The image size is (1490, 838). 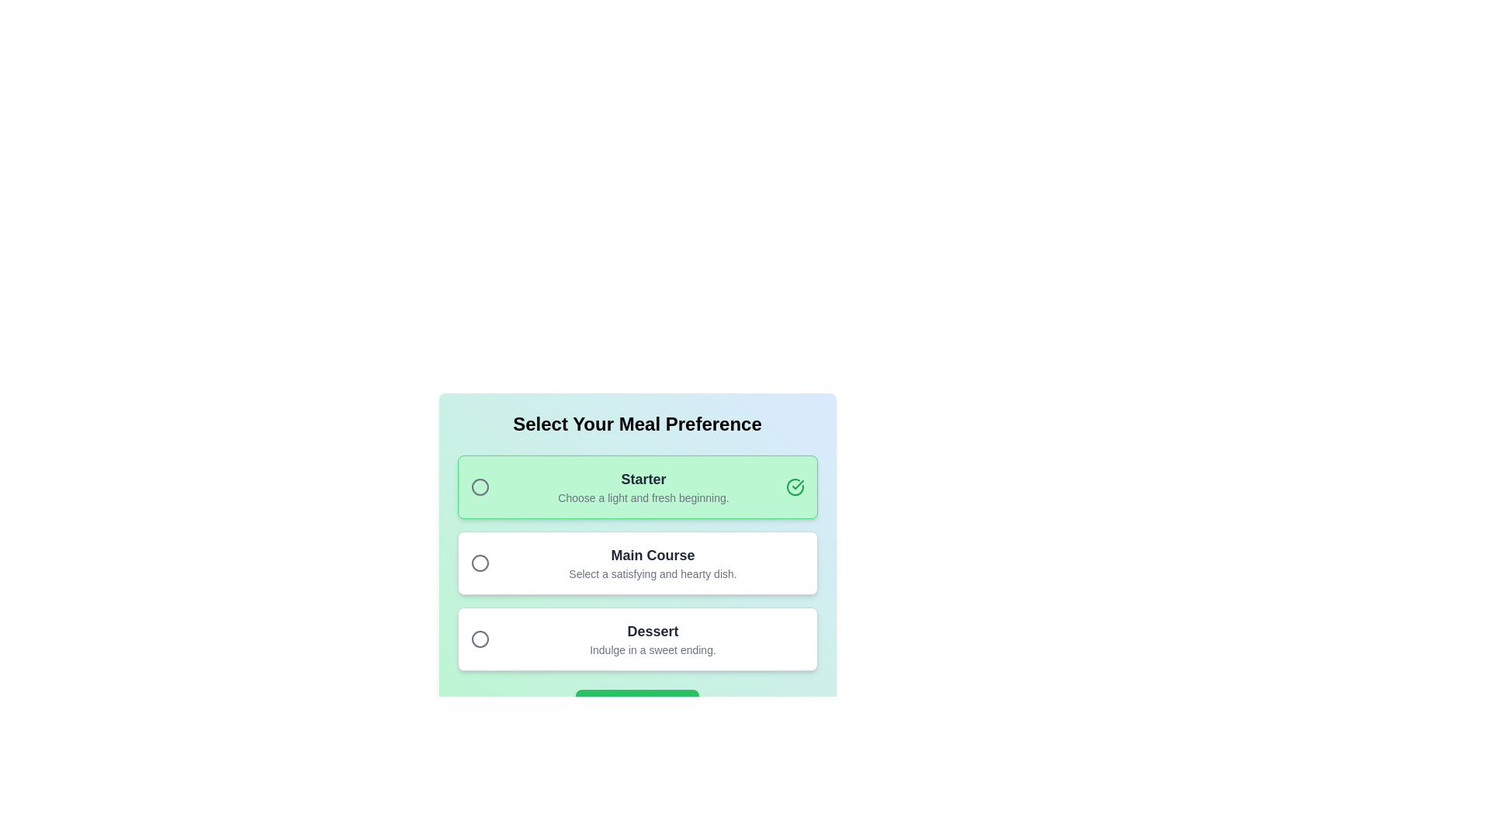 I want to click on the text line that says 'Indulge in a sweet ending.' located underneath the bold heading 'Dessert', so click(x=653, y=649).